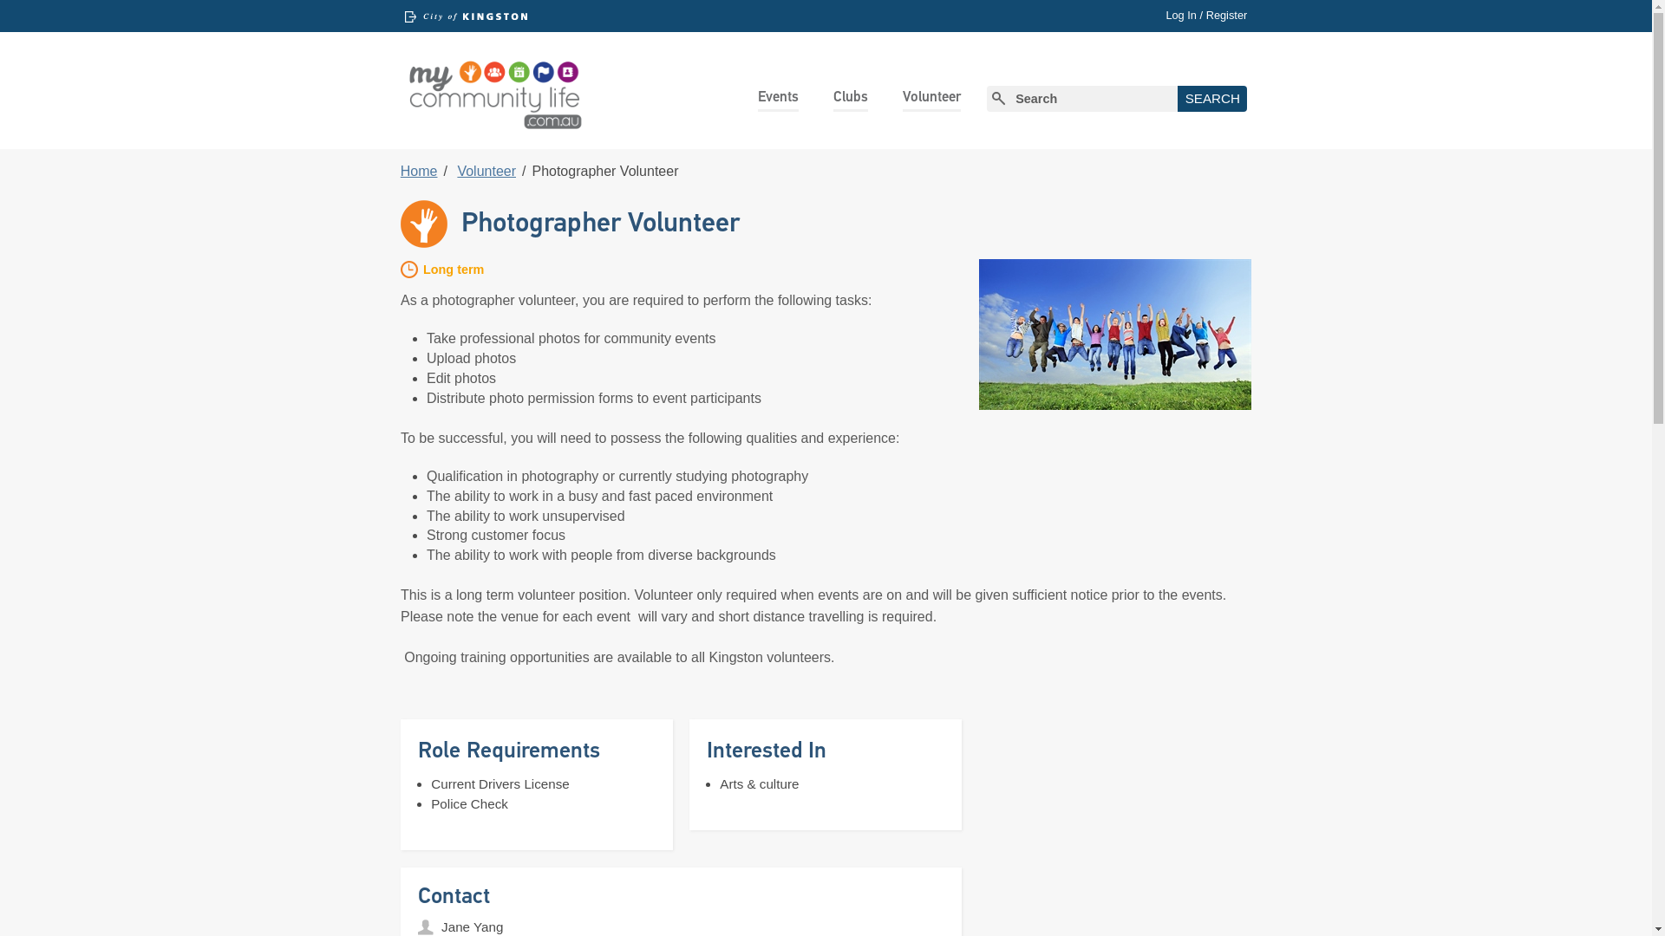  Describe the element at coordinates (466, 16) in the screenshot. I see `'City of Kingston'` at that location.